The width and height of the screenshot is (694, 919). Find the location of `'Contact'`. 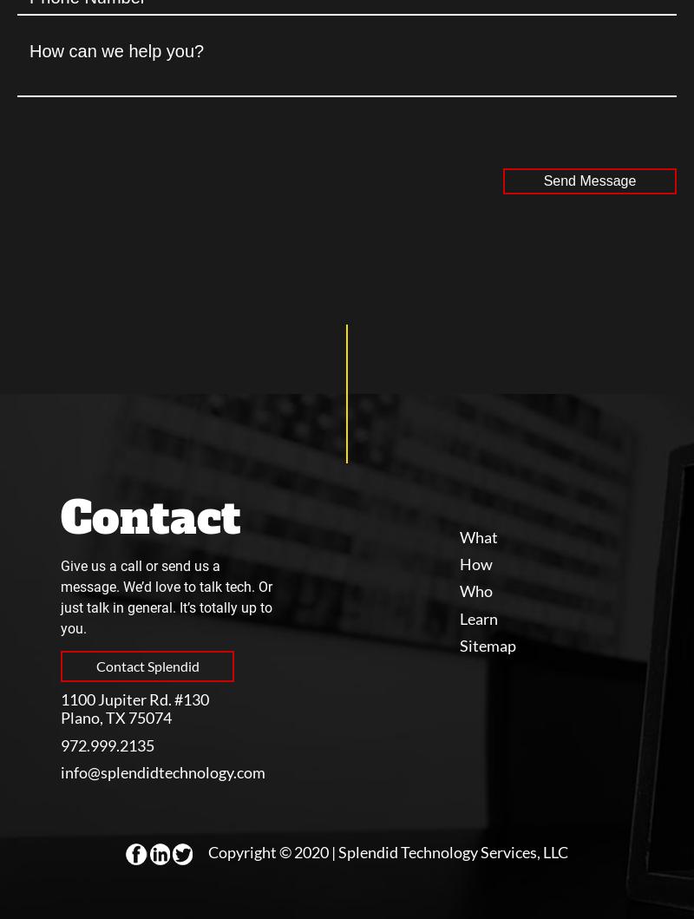

'Contact' is located at coordinates (150, 516).